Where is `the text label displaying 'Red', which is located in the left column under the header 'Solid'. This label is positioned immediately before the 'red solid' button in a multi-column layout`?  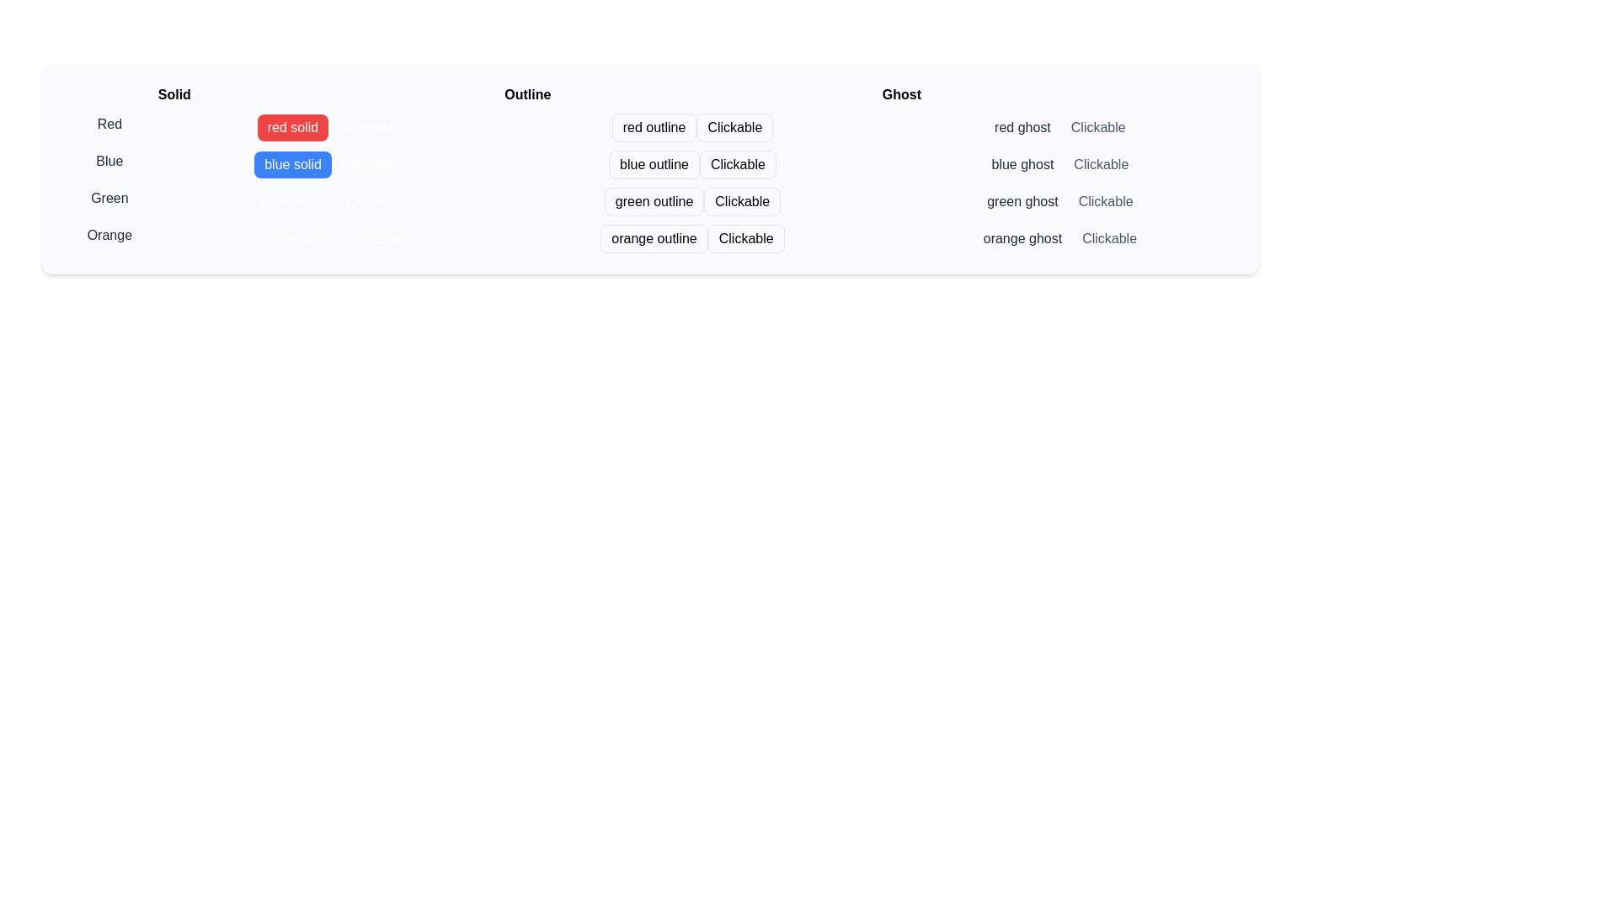
the text label displaying 'Red', which is located in the left column under the header 'Solid'. This label is positioned immediately before the 'red solid' button in a multi-column layout is located at coordinates (109, 123).